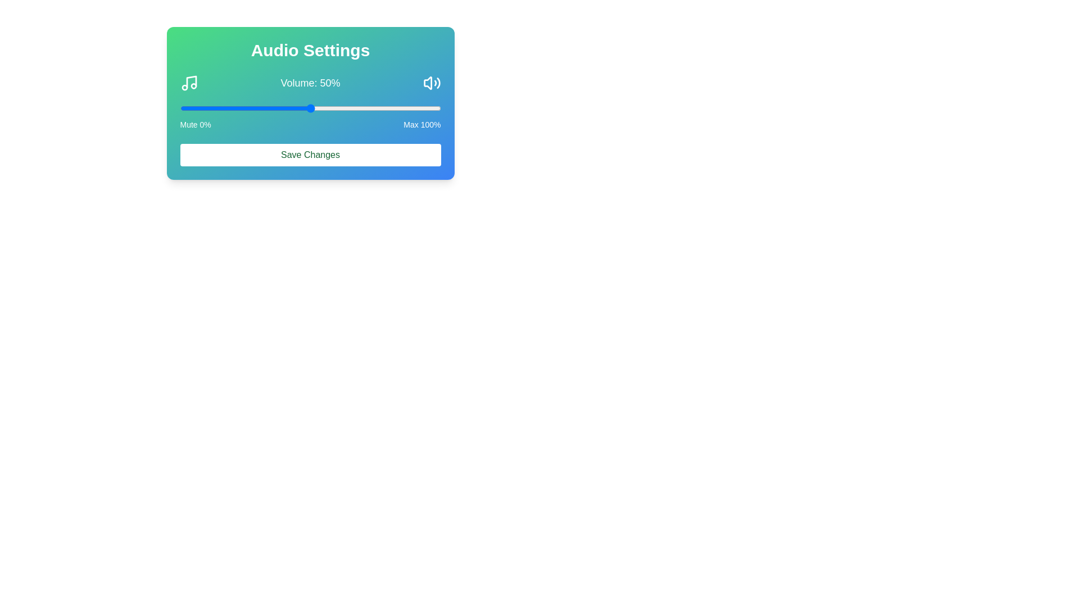  What do you see at coordinates (419, 108) in the screenshot?
I see `the volume slider to 92%` at bounding box center [419, 108].